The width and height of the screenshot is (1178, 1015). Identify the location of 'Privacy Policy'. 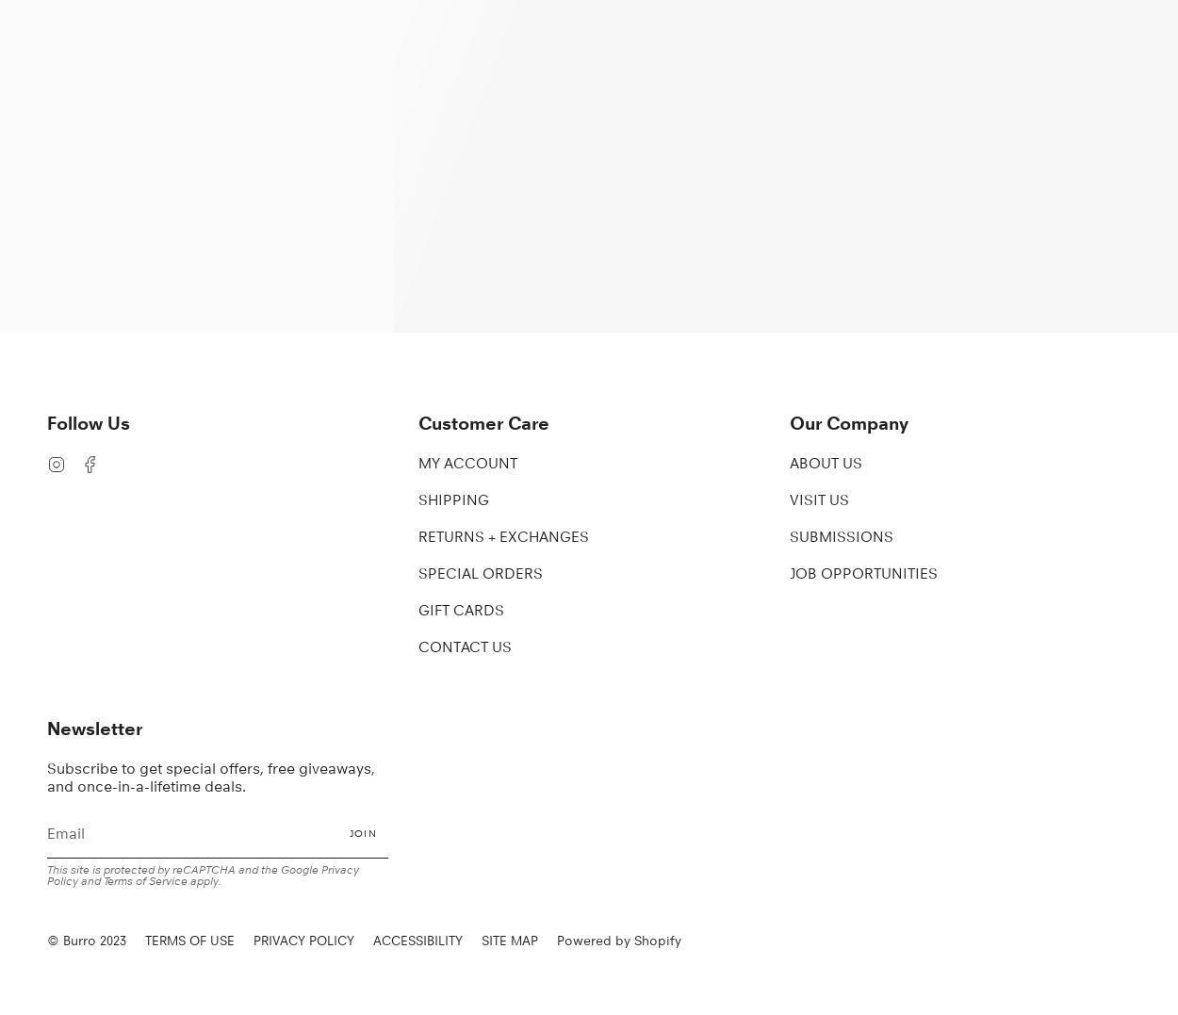
(202, 873).